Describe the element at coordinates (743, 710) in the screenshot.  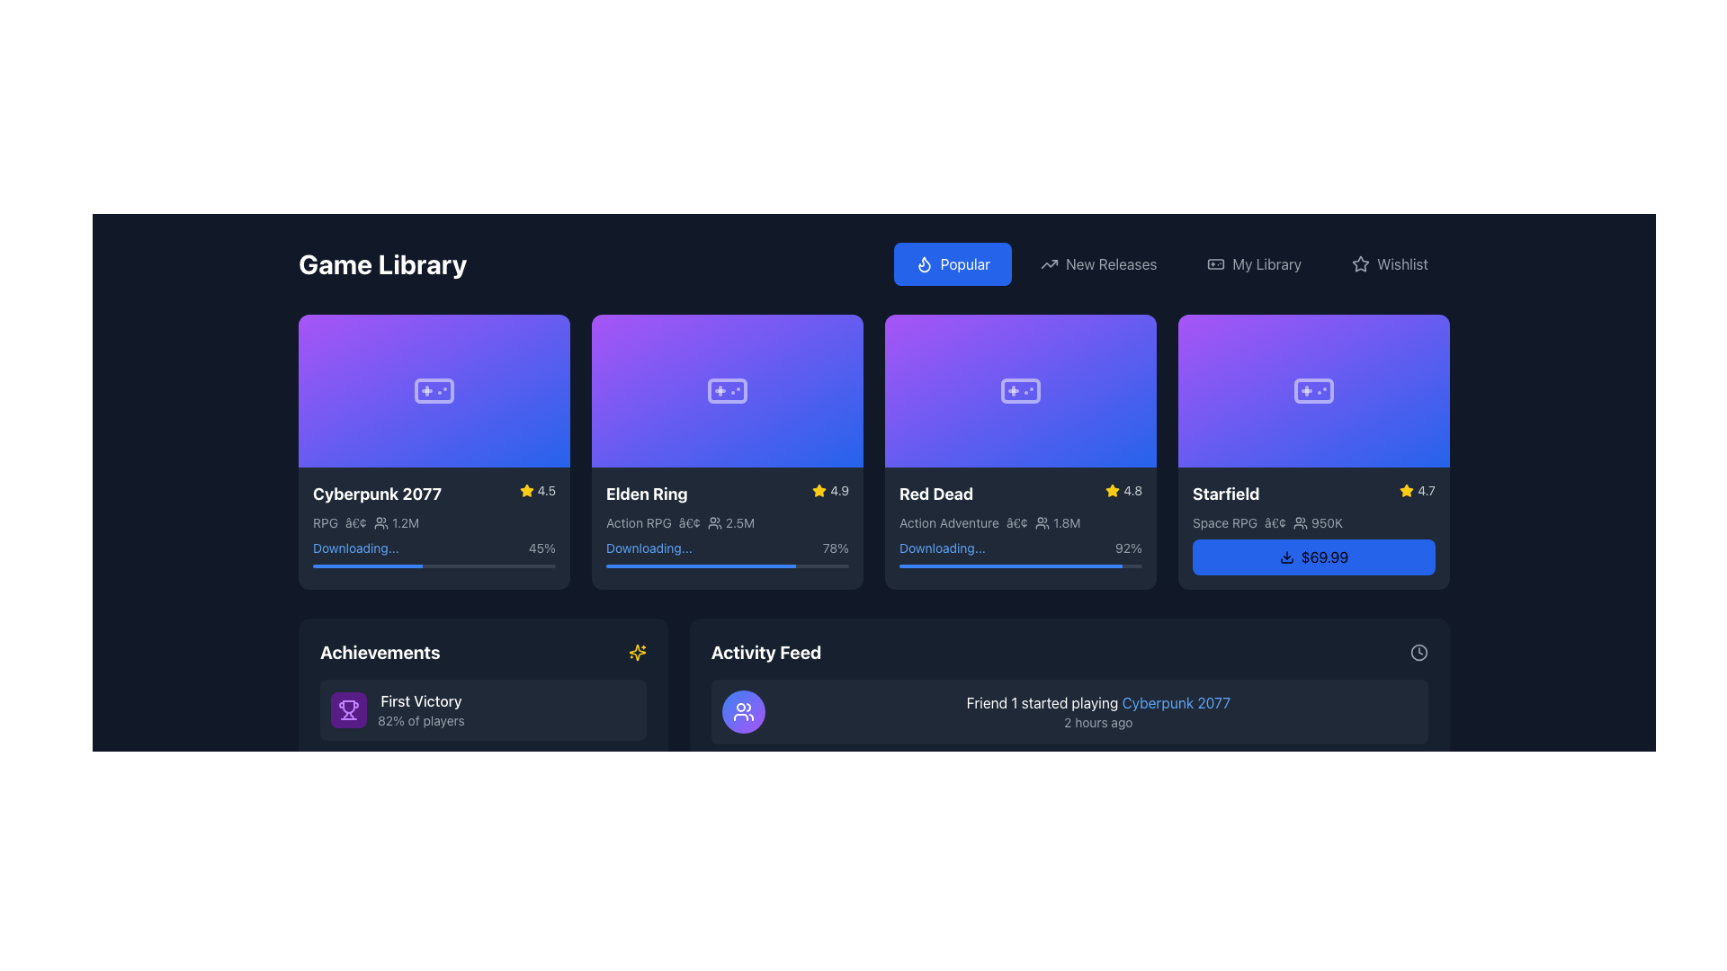
I see `the SVG icon resembling two figures, which is embedded in a circular decorative background transitioning from blue to purple in the 'Activity Feed' panel` at that location.